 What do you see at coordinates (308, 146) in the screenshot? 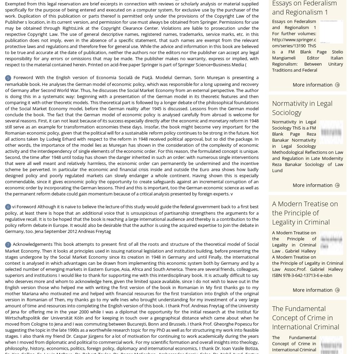
I see `'Normativity in Legal Sociology ThiS is a FM Blank Page Reza Banakar Normativity in Legal Sociology Methodological Reflections on Law and Regulation in Late Modernity Reza Banakar Sociology of Law Lund'` at bounding box center [308, 146].